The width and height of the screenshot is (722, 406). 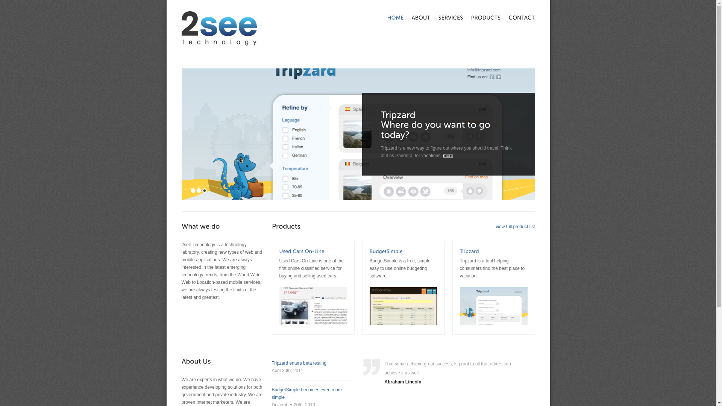 What do you see at coordinates (181, 28) in the screenshot?
I see `'Back Home'` at bounding box center [181, 28].